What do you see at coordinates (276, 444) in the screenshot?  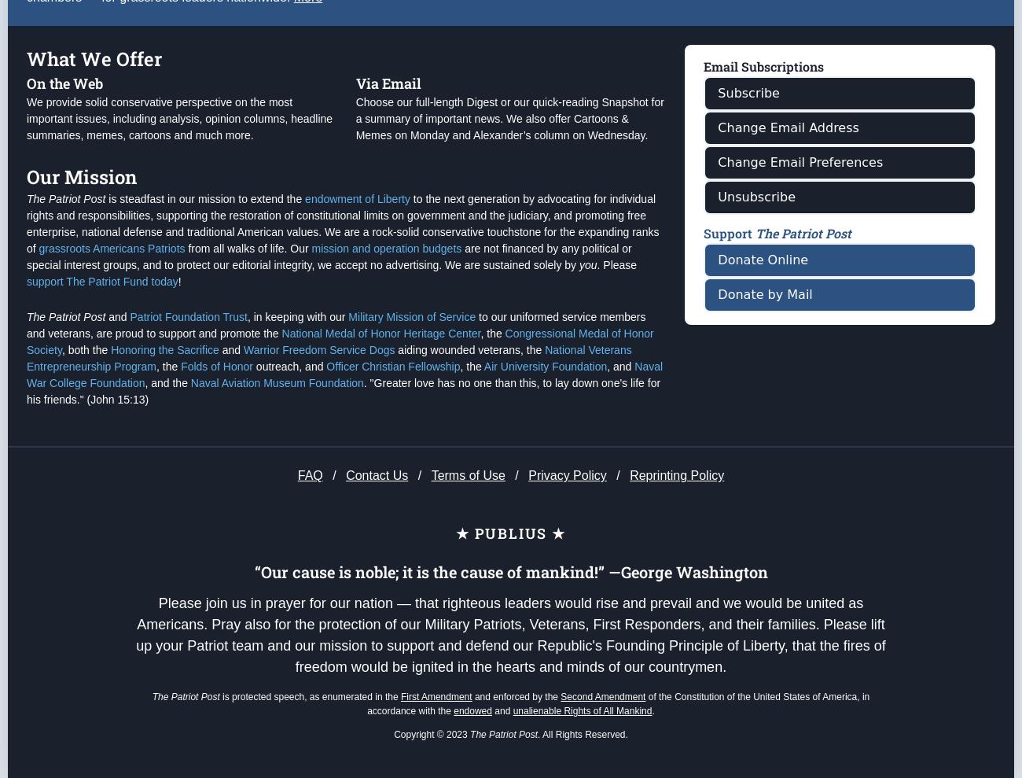 I see `'Naval Aviation Museum Foundation'` at bounding box center [276, 444].